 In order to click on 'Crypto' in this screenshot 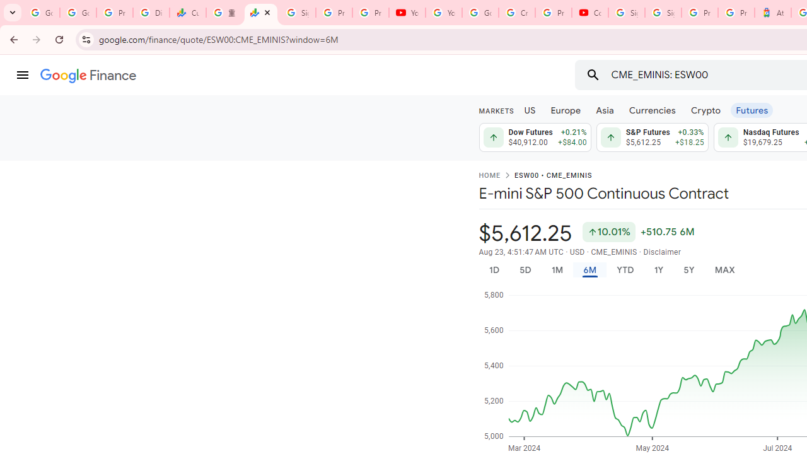, I will do `click(705, 109)`.